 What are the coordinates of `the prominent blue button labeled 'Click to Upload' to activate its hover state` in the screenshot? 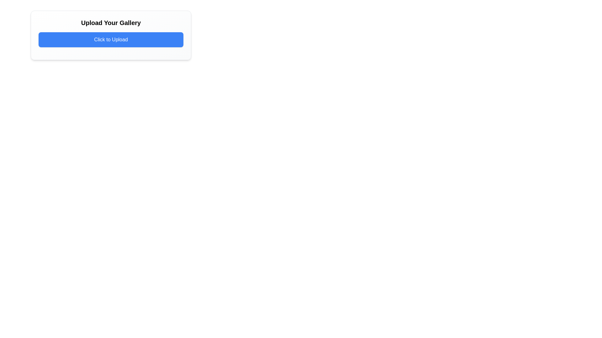 It's located at (111, 40).